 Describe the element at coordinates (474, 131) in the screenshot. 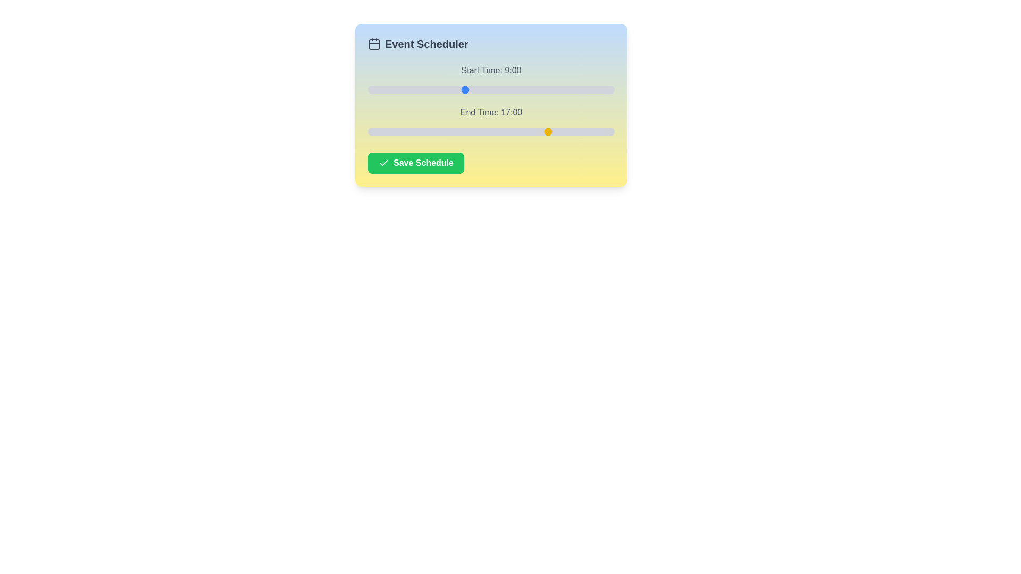

I see `the end time slider to 10` at that location.